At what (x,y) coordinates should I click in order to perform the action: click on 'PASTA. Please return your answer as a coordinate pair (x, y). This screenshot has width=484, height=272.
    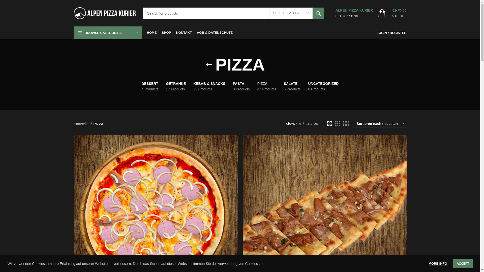
    Looking at the image, I should click on (233, 86).